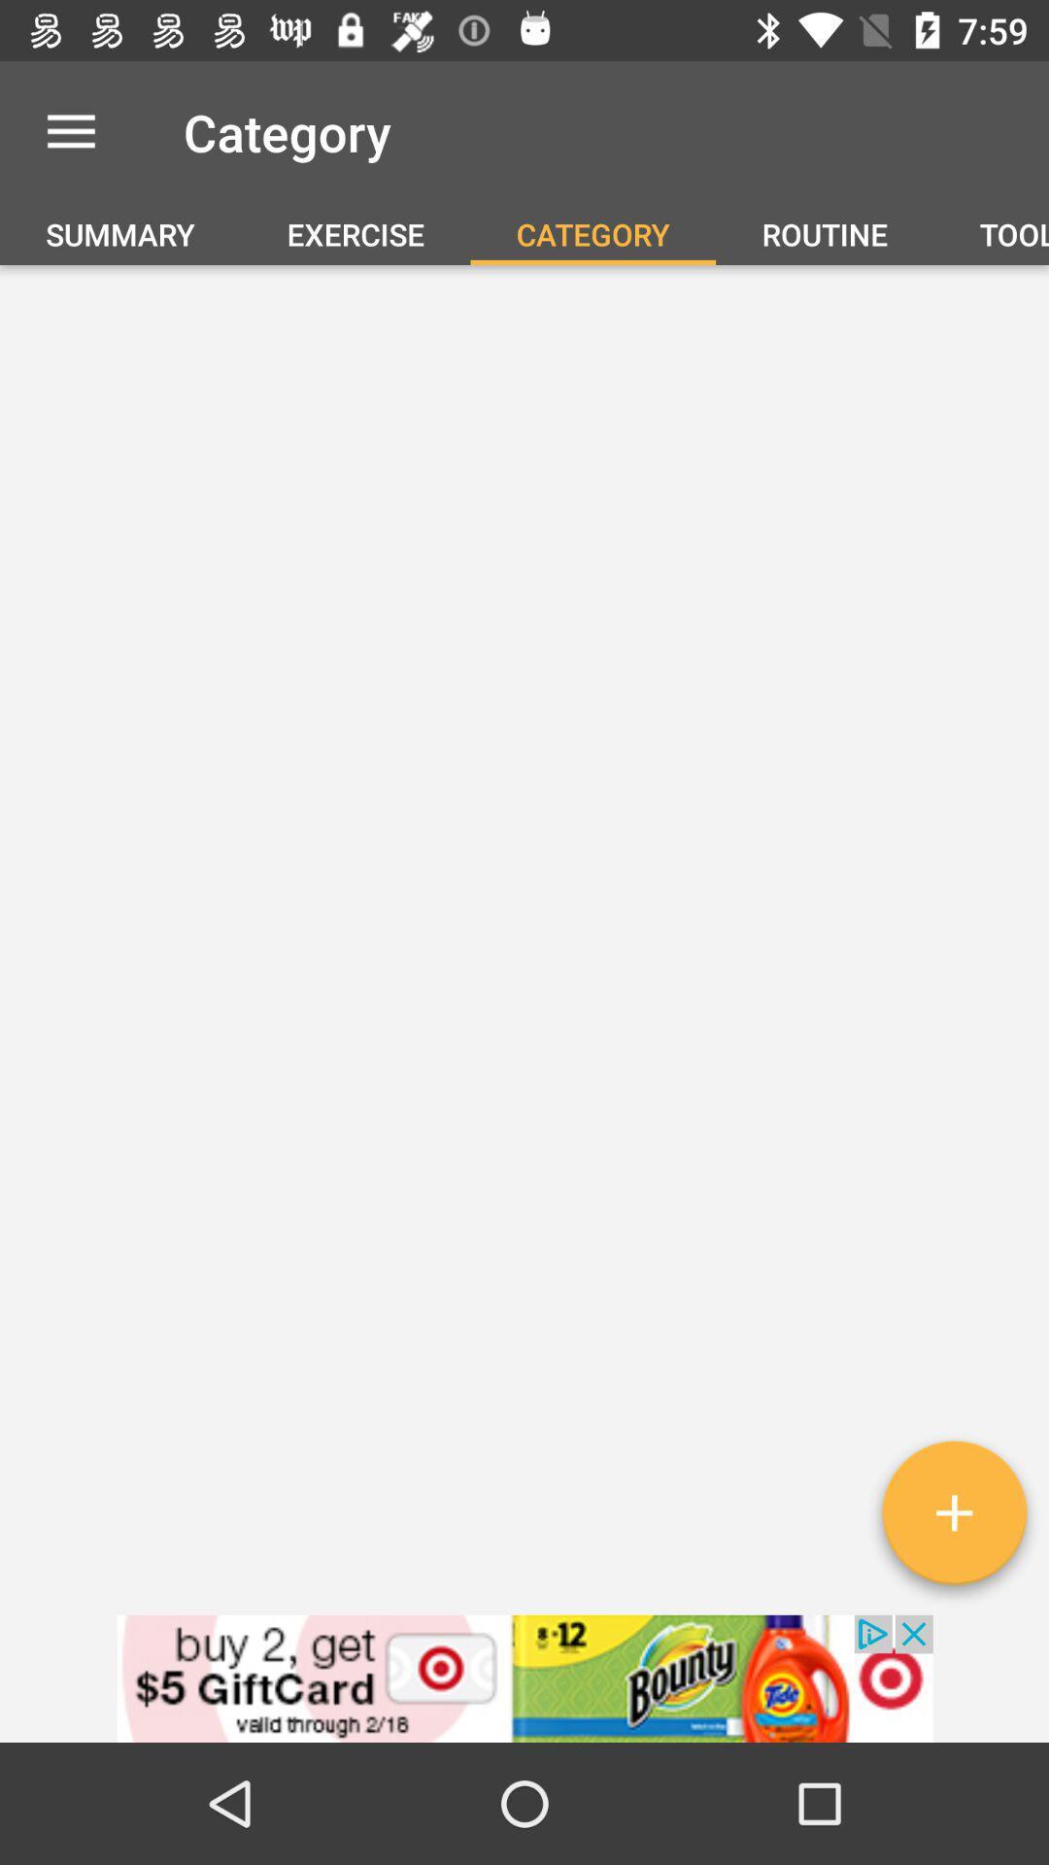 Image resolution: width=1049 pixels, height=1865 pixels. I want to click on the add icon, so click(953, 1519).